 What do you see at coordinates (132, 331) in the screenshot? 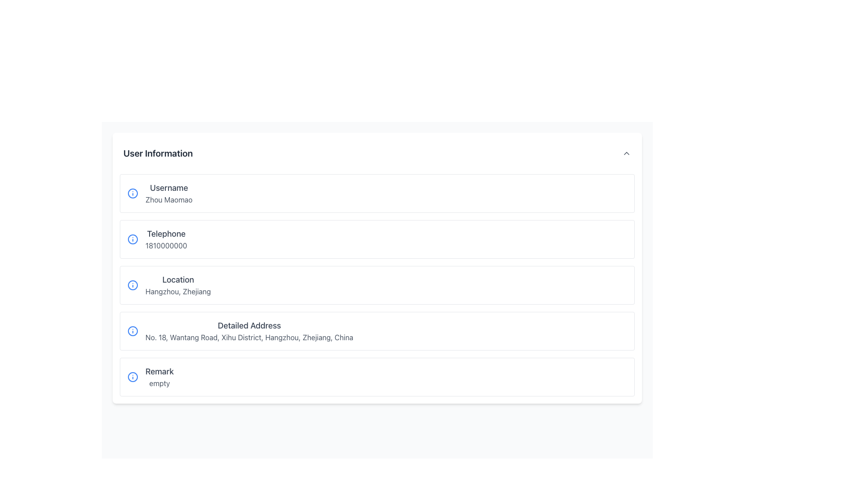
I see `the Informational Icon located in the top-left corner of the 'Detailed Address' section to retrieve additional information` at bounding box center [132, 331].